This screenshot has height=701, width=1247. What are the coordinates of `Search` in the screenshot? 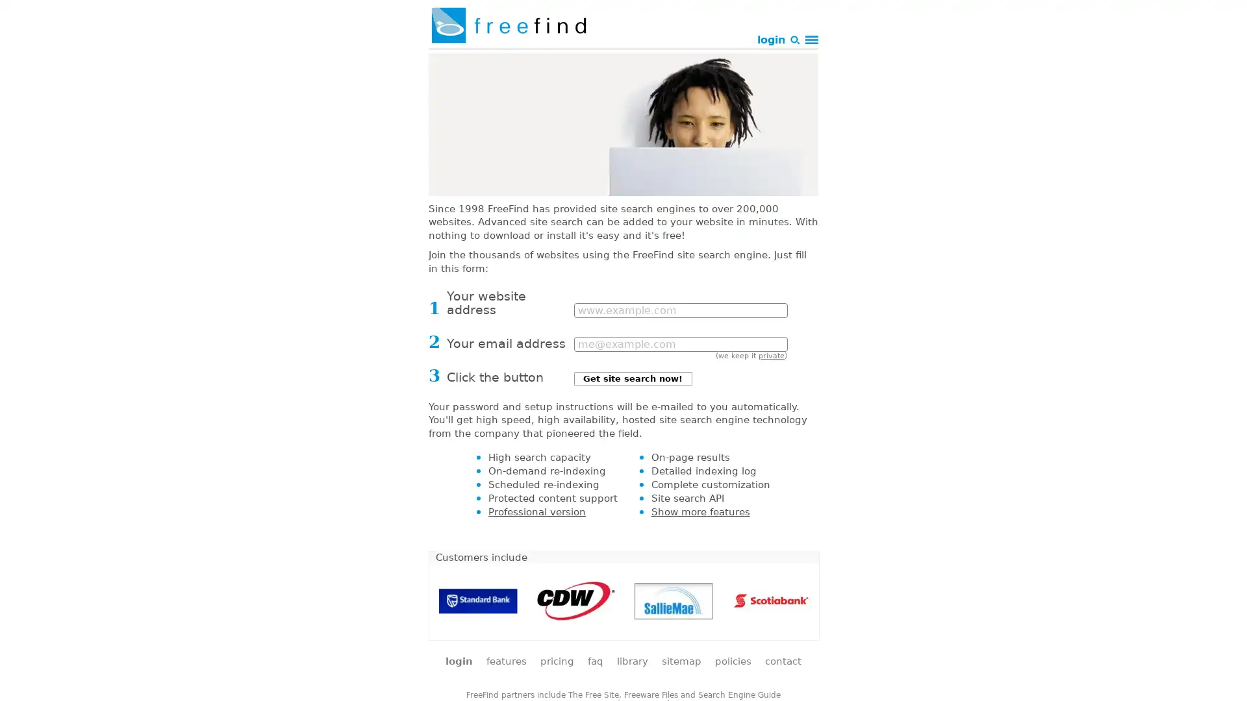 It's located at (703, 64).